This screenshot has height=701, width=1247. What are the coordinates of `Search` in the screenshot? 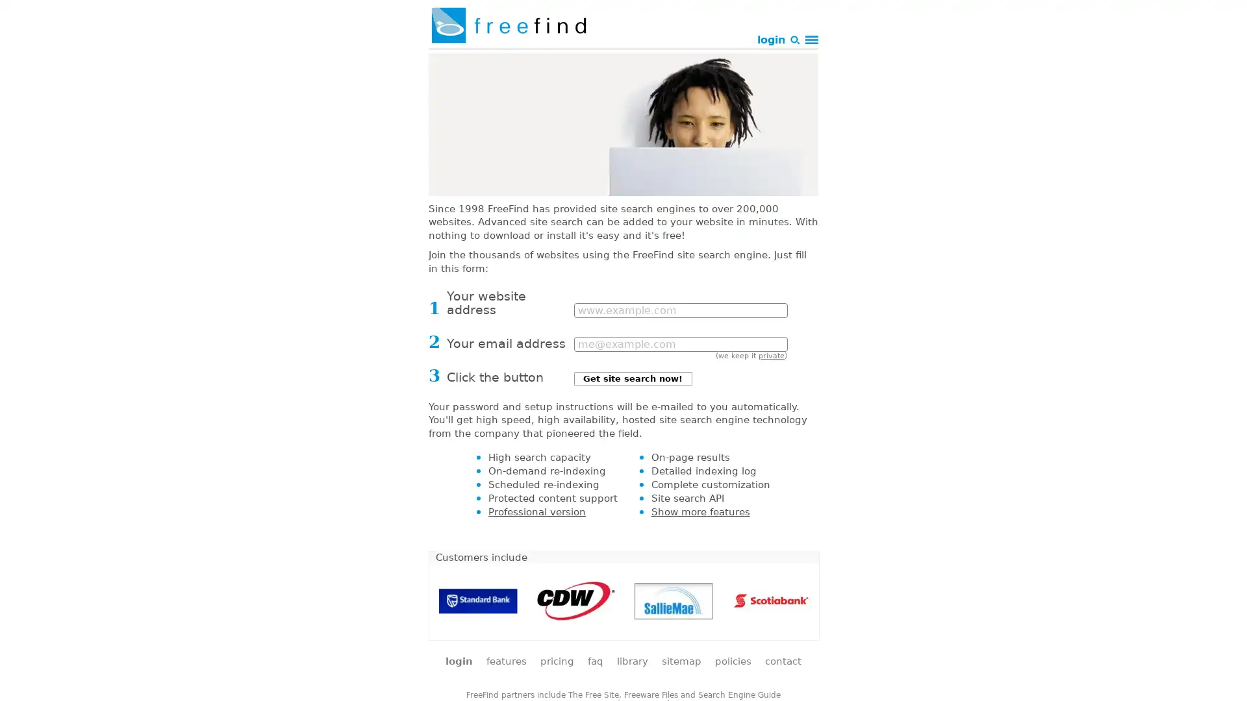 It's located at (703, 64).